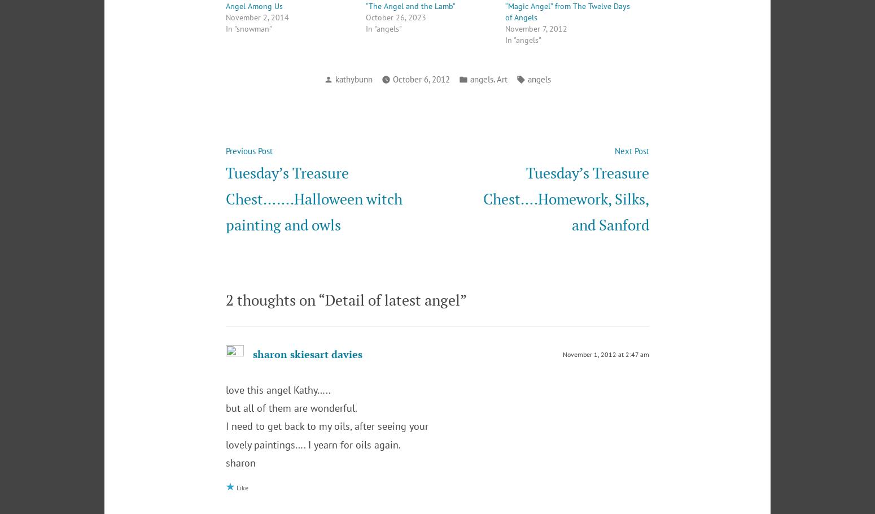 This screenshot has width=875, height=514. Describe the element at coordinates (314, 198) in the screenshot. I see `'Tuesday’s Treasure Chest…….Halloween witch painting and owls'` at that location.